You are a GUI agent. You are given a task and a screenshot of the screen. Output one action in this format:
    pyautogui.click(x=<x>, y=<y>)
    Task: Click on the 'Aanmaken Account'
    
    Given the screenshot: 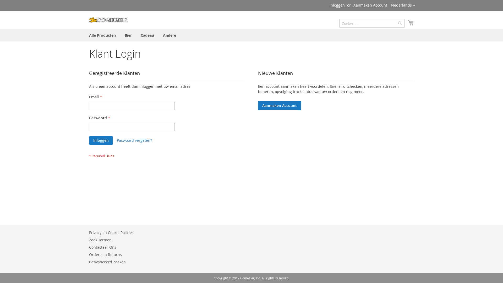 What is the action you would take?
    pyautogui.click(x=370, y=5)
    